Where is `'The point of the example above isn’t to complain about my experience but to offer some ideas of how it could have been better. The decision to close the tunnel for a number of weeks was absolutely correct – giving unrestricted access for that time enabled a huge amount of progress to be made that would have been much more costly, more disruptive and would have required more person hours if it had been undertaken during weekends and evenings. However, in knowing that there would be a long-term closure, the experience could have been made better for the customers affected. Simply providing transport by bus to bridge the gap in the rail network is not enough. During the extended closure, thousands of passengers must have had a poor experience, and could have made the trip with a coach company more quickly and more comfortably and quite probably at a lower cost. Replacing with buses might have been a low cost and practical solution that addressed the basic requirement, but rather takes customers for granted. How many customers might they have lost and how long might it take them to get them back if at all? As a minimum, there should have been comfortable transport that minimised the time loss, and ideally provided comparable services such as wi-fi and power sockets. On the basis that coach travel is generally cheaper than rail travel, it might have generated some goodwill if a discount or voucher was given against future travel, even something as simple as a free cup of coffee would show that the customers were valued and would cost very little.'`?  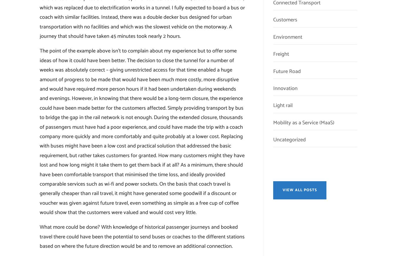 'The point of the example above isn’t to complain about my experience but to offer some ideas of how it could have been better. The decision to close the tunnel for a number of weeks was absolutely correct – giving unrestricted access for that time enabled a huge amount of progress to be made that would have been much more costly, more disruptive and would have required more person hours if it had been undertaken during weekends and evenings. However, in knowing that there would be a long-term closure, the experience could have been made better for the customers affected. Simply providing transport by bus to bridge the gap in the rail network is not enough. During the extended closure, thousands of passengers must have had a poor experience, and could have made the trip with a coach company more quickly and more comfortably and quite probably at a lower cost. Replacing with buses might have been a low cost and practical solution that addressed the basic requirement, but rather takes customers for granted. How many customers might they have lost and how long might it take them to get them back if at all? As a minimum, there should have been comfortable transport that minimised the time loss, and ideally provided comparable services such as wi-fi and power sockets. On the basis that coach travel is generally cheaper than rail travel, it might have generated some goodwill if a discount or voucher was given against future travel, even something as simple as a free cup of coffee would show that the customers were valued and would cost very little.' is located at coordinates (142, 132).